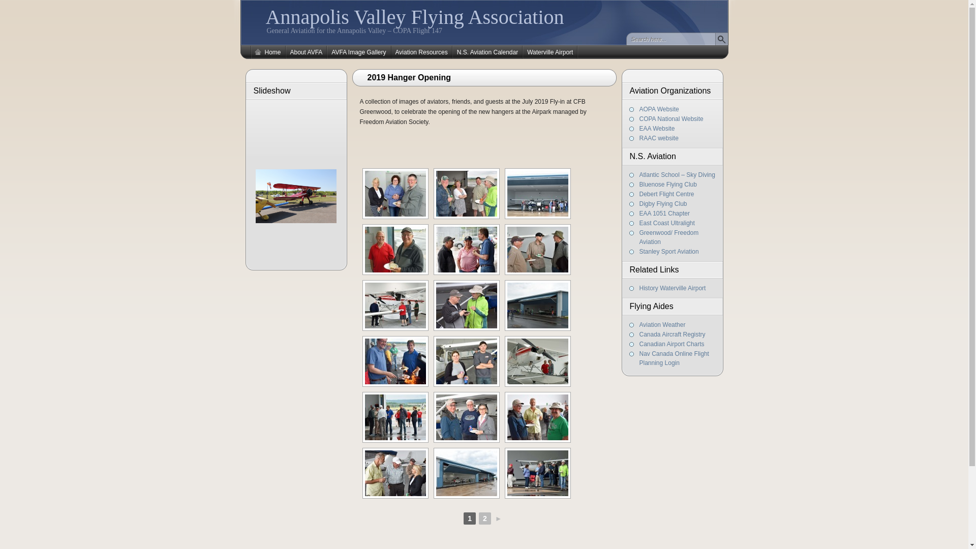 The height and width of the screenshot is (549, 976). Describe the element at coordinates (484, 518) in the screenshot. I see `'2'` at that location.